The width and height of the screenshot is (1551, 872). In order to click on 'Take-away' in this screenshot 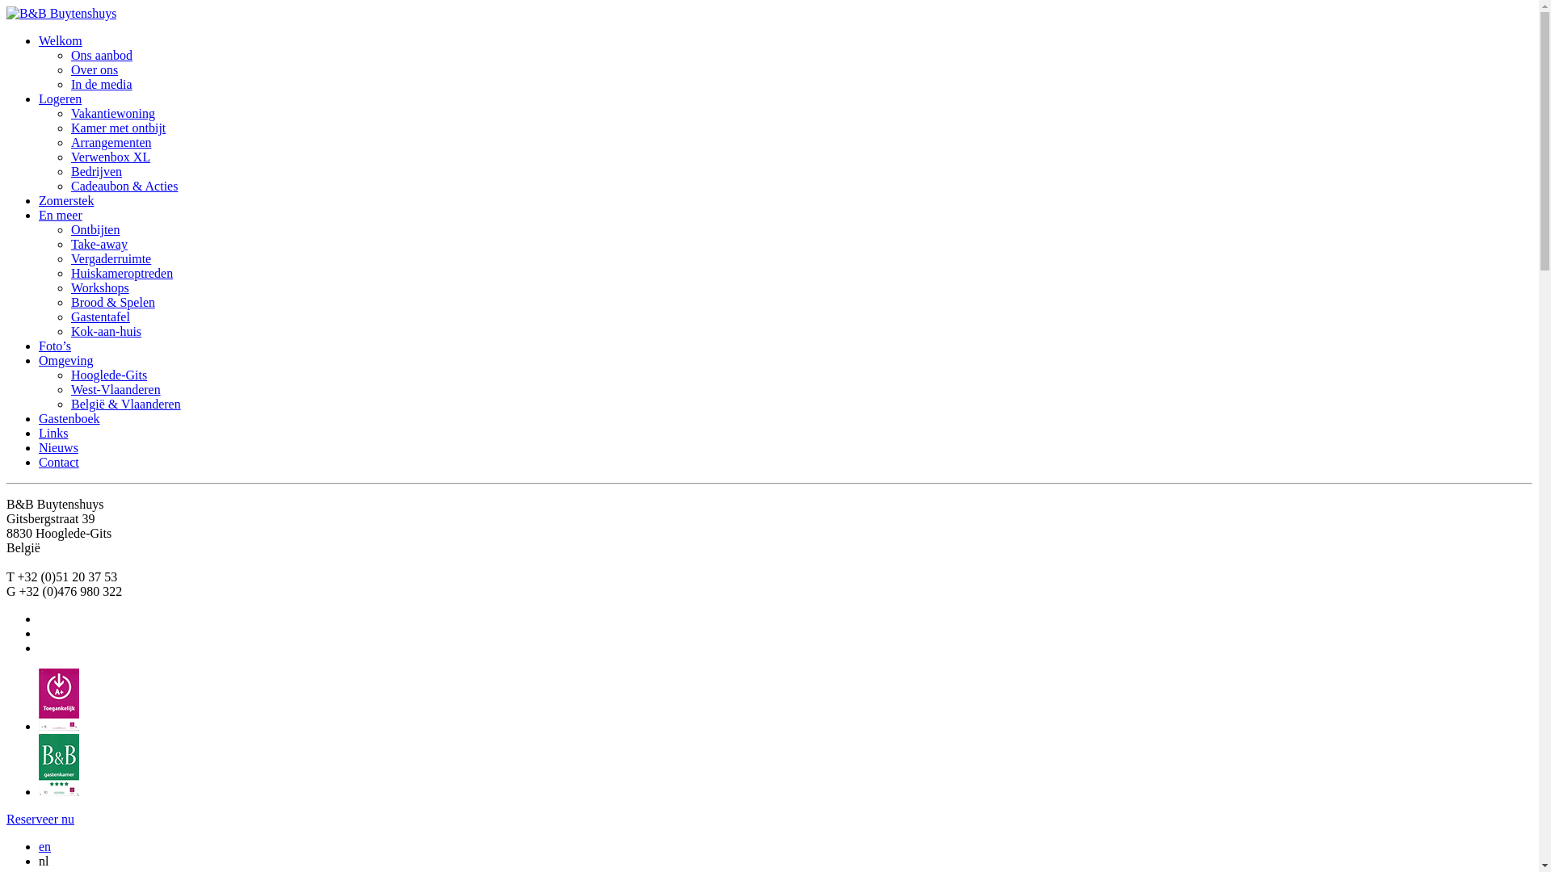, I will do `click(99, 244)`.